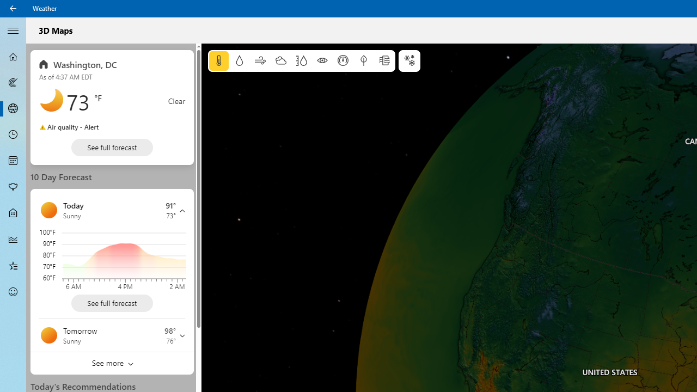 The height and width of the screenshot is (392, 697). What do you see at coordinates (13, 82) in the screenshot?
I see `'Maps - Not Selected'` at bounding box center [13, 82].